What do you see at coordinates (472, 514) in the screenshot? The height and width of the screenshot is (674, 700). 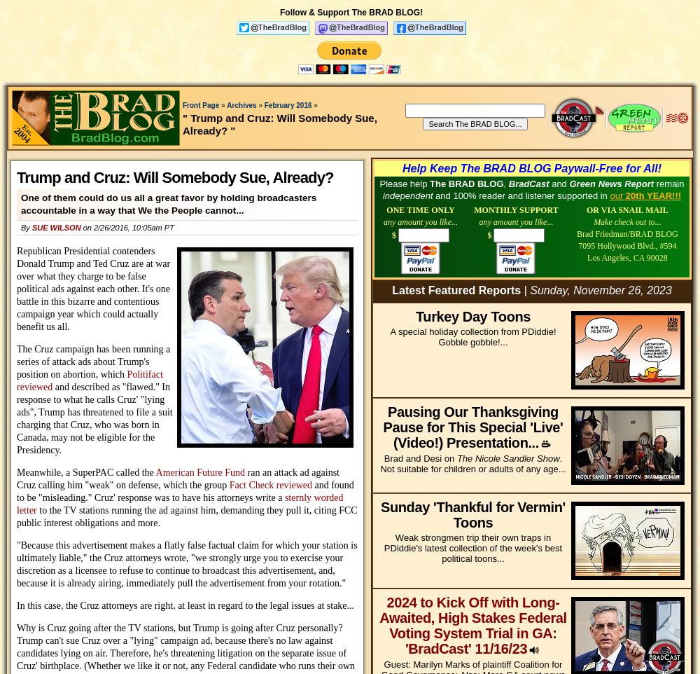 I see `'Sunday 'Thankful for Vermin' Toons'` at bounding box center [472, 514].